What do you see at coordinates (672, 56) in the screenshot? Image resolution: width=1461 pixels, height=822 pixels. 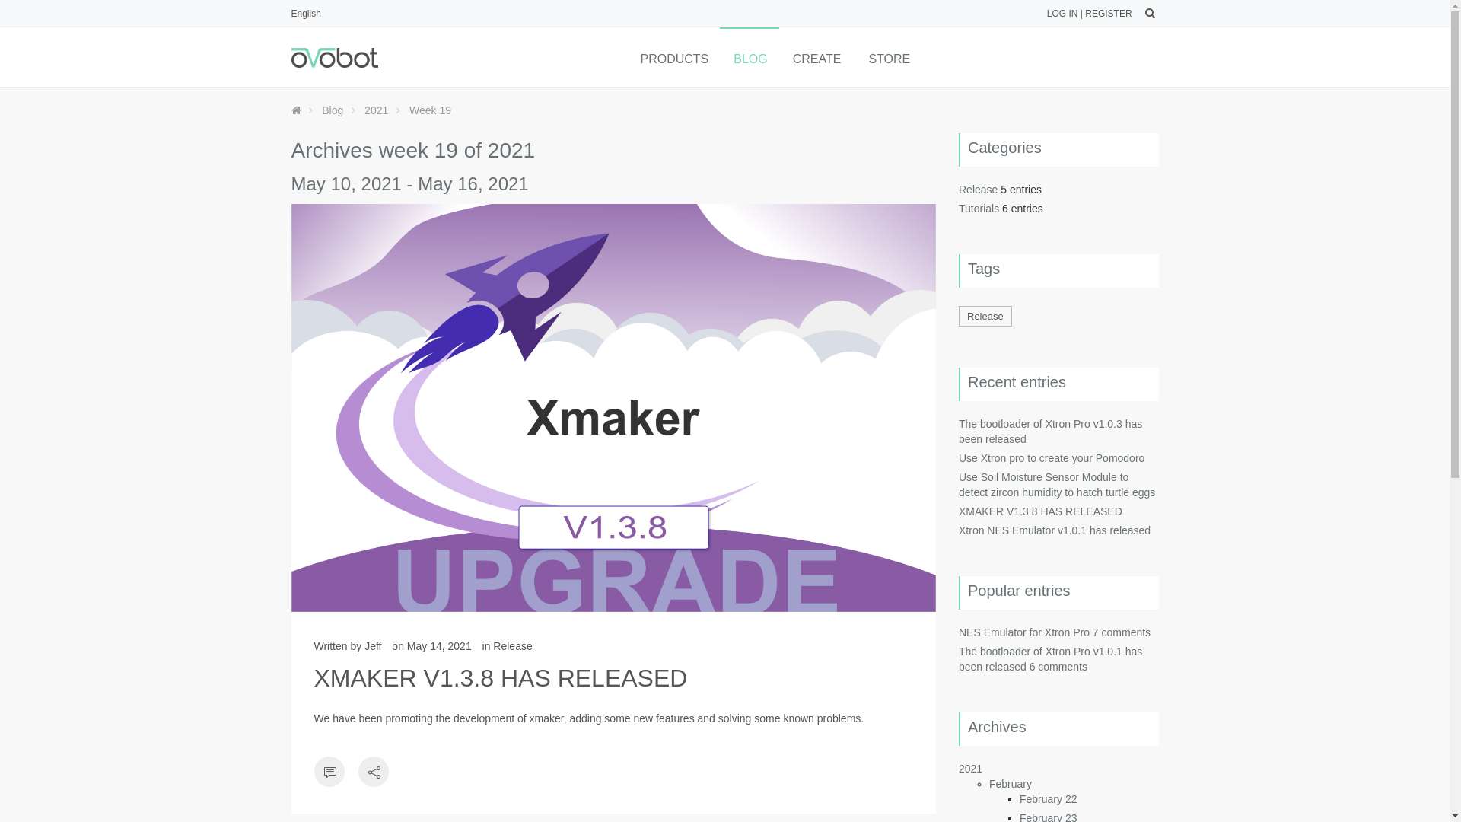 I see `'PRODUCTS'` at bounding box center [672, 56].